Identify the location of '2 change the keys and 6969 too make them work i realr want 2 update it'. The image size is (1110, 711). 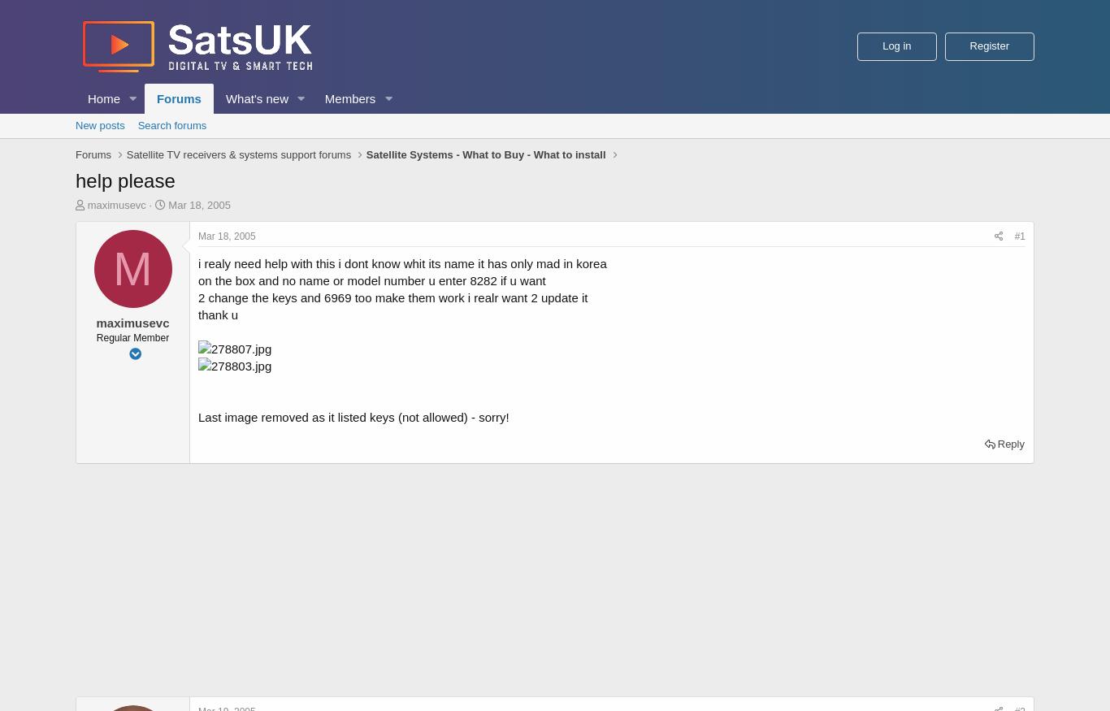
(392, 297).